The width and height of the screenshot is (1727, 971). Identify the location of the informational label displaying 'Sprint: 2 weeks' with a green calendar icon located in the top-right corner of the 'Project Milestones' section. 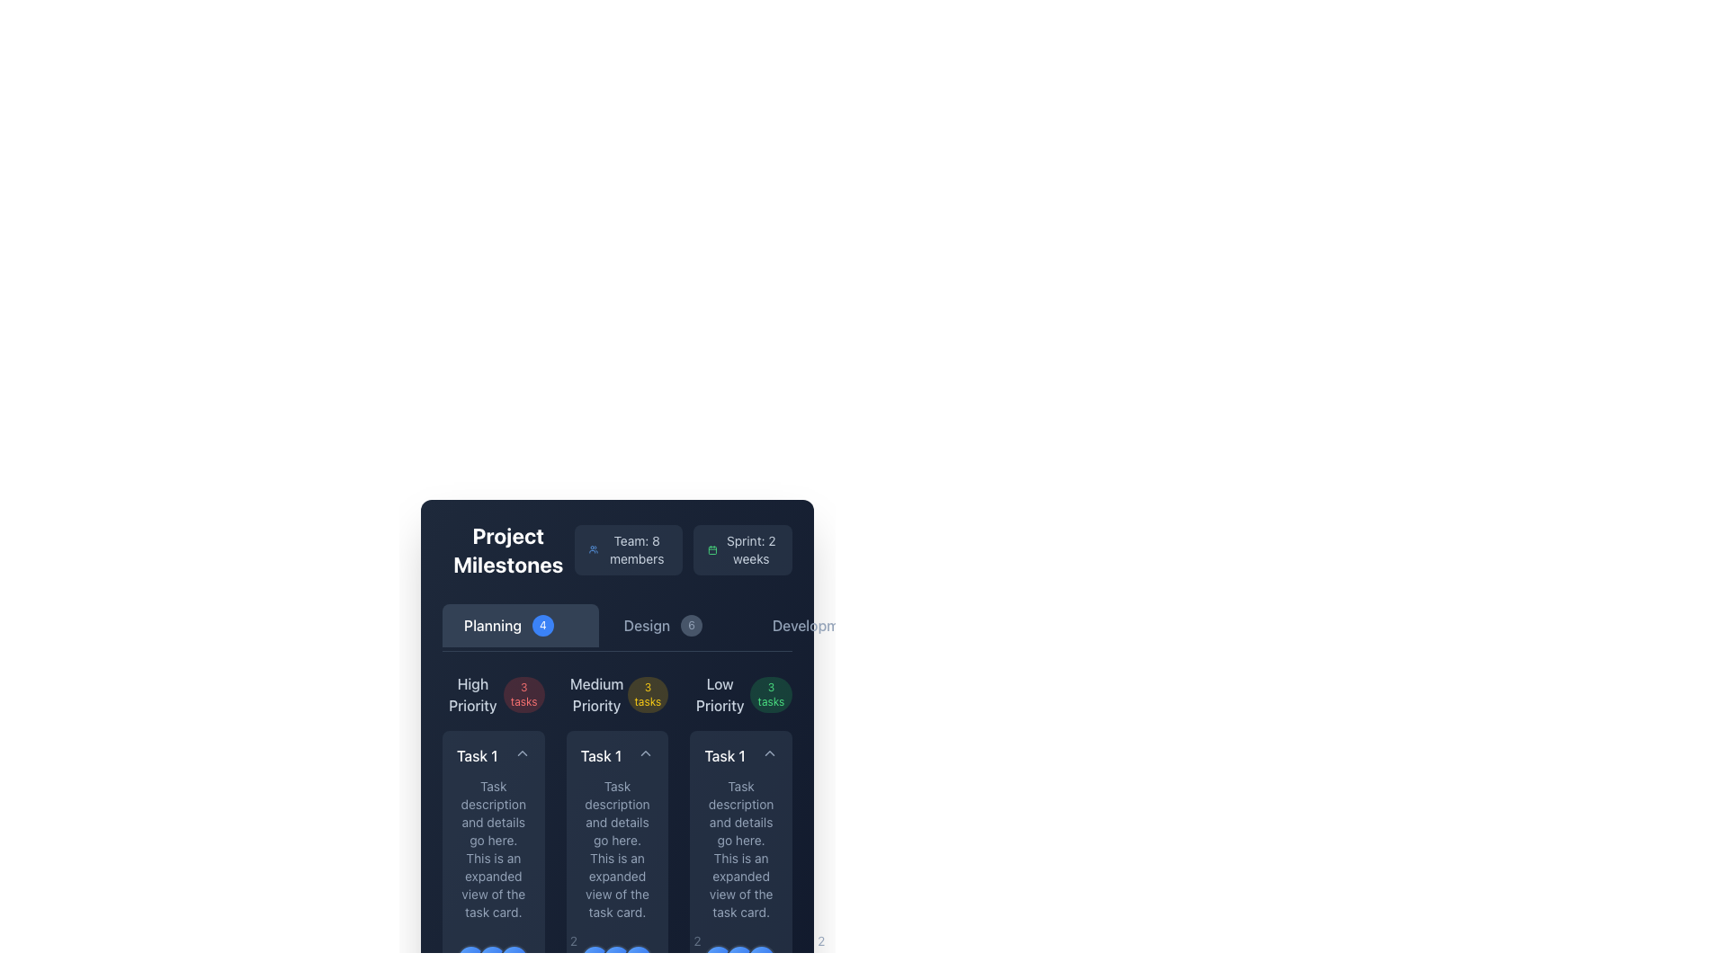
(742, 549).